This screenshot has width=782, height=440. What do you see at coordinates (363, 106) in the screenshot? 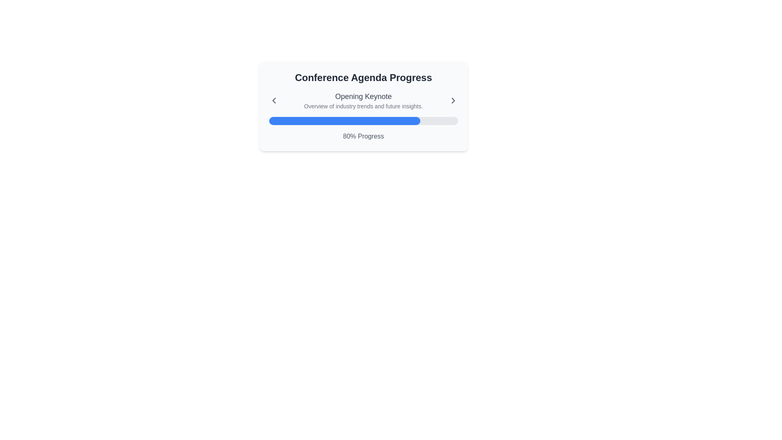
I see `the text label that provides additional information related to the main title 'Opening Keynote', located directly below the heading and centered within the card layout` at bounding box center [363, 106].